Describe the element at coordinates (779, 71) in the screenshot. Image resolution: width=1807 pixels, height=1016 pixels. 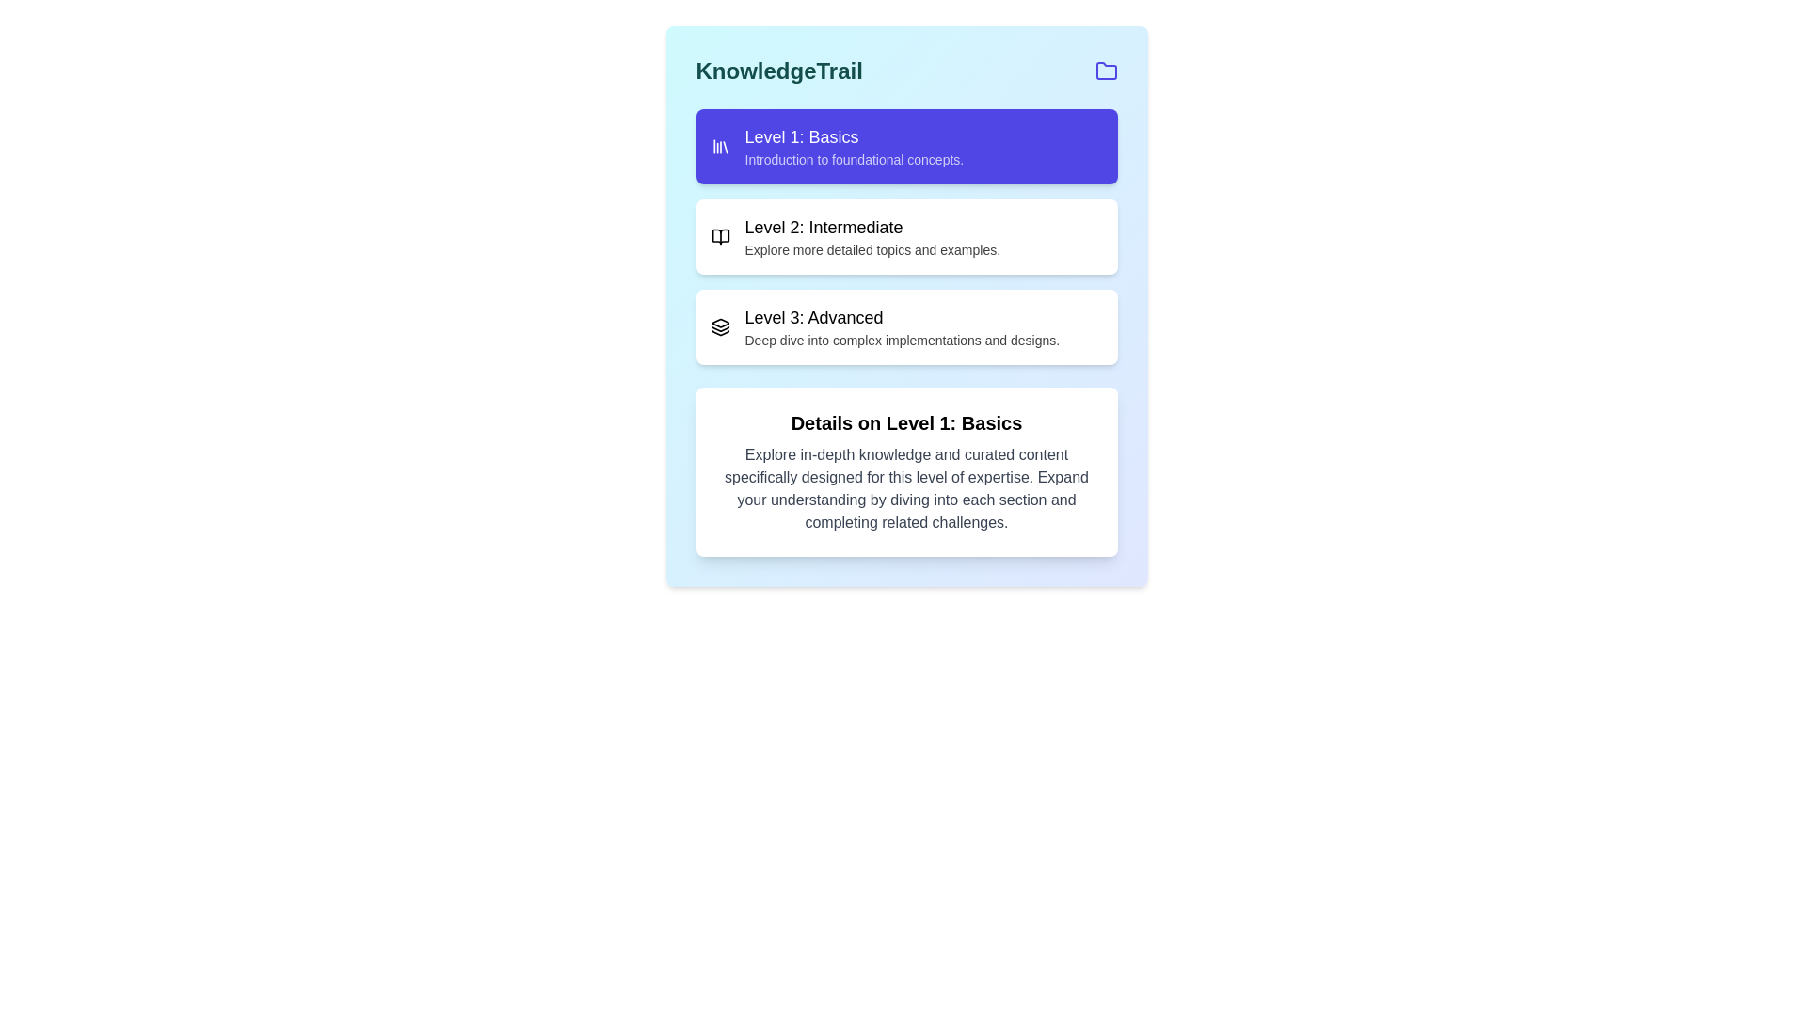
I see `the Text label that serves as a title or branding within the UI, positioned centrally at the top area of the interface panel, to the left of the folder icon` at that location.